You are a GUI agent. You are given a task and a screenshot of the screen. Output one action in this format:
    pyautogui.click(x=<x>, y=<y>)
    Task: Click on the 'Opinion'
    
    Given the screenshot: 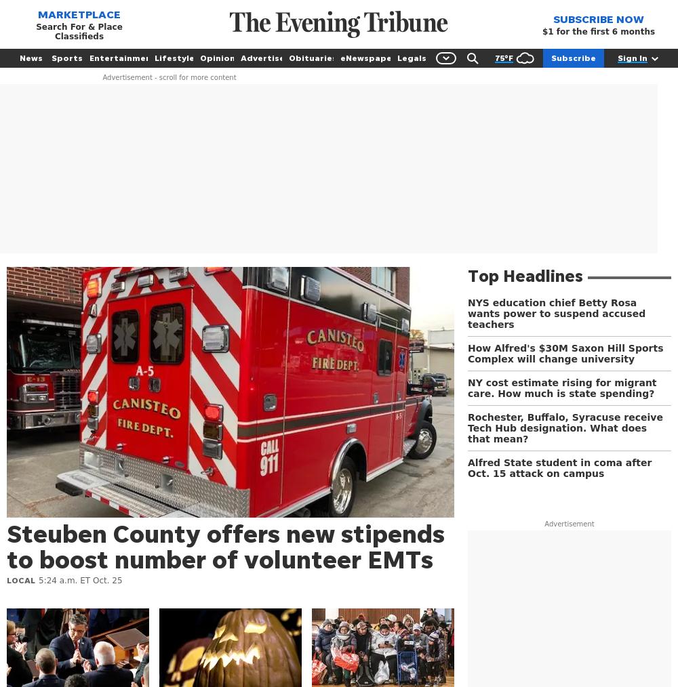 What is the action you would take?
    pyautogui.click(x=216, y=57)
    